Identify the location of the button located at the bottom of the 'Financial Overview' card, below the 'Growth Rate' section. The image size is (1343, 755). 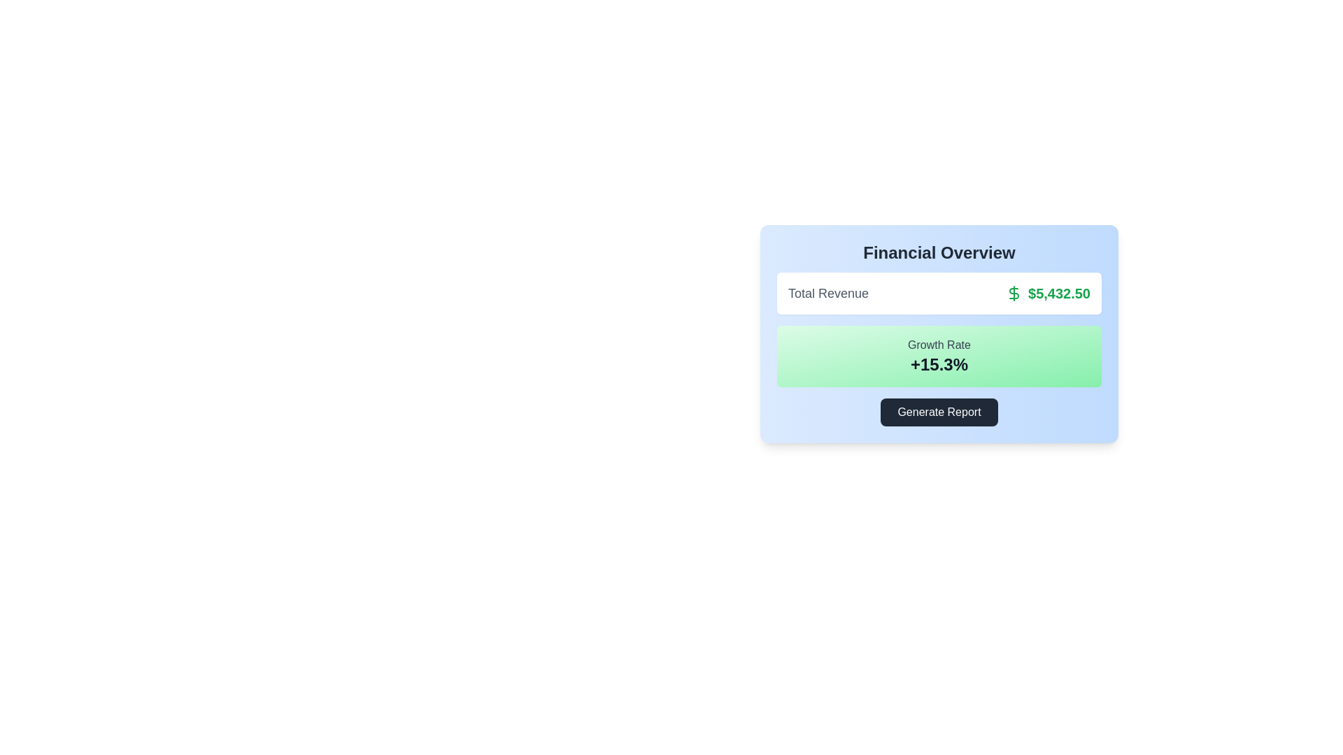
(939, 412).